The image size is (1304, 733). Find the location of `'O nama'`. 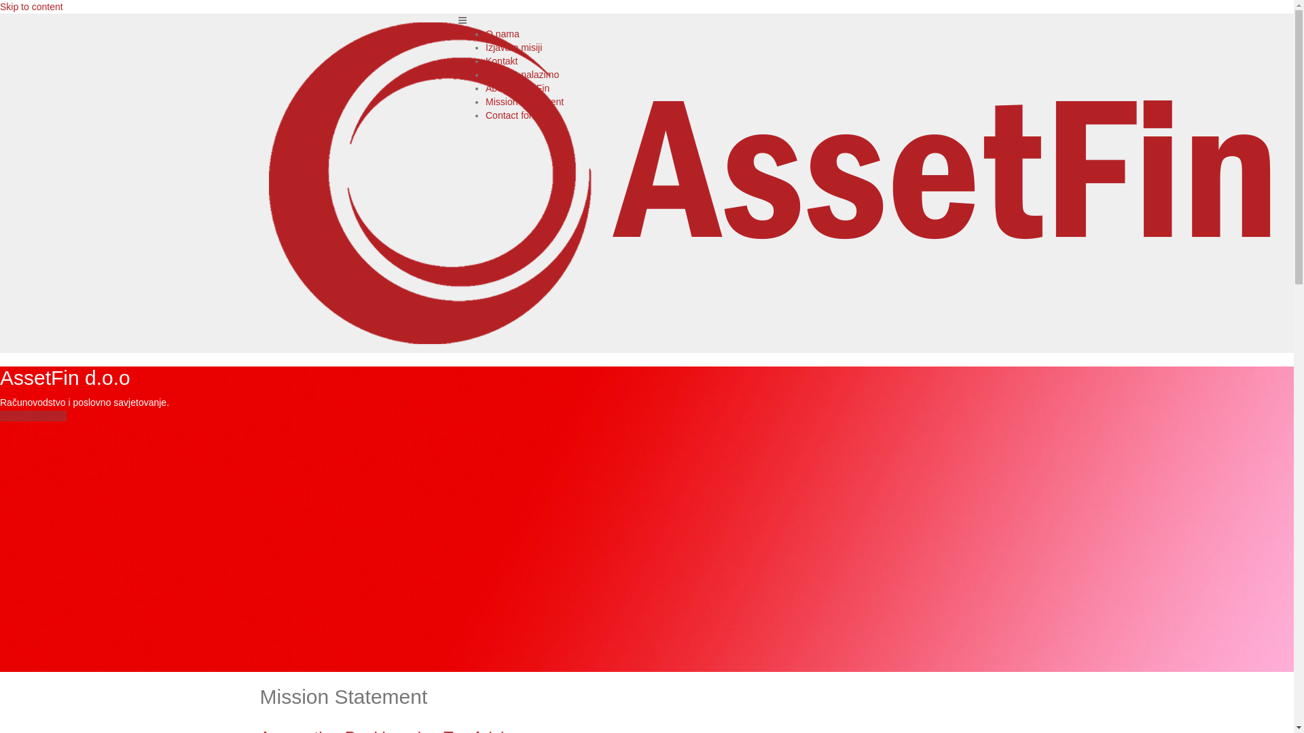

'O nama' is located at coordinates (501, 33).